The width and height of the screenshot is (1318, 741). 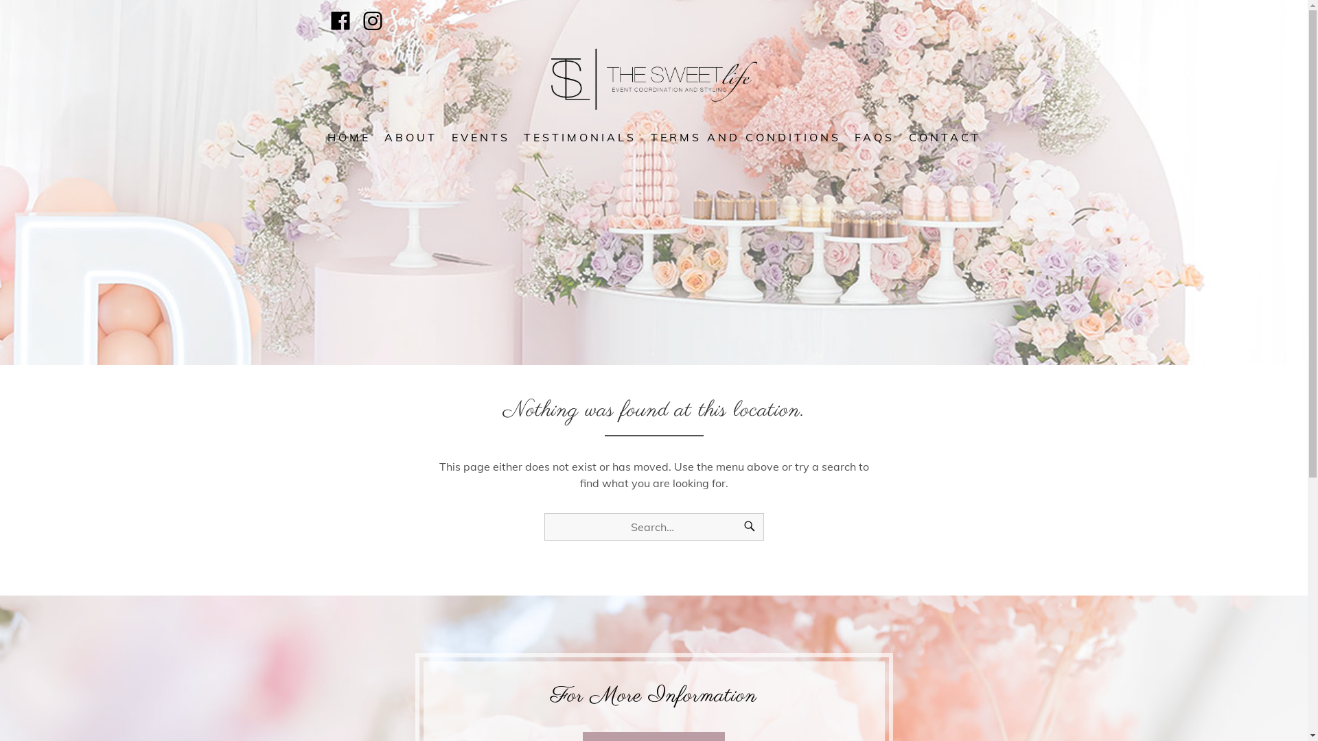 I want to click on 'HOME', so click(x=348, y=137).